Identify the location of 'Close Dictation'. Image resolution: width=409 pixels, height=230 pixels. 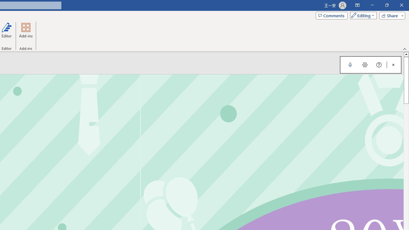
(393, 65).